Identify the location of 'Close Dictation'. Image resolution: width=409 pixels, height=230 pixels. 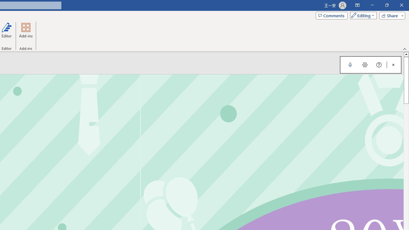
(393, 65).